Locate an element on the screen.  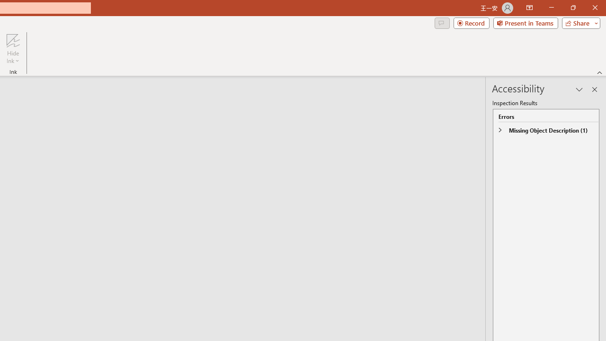
'Hide Ink' is located at coordinates (13, 40).